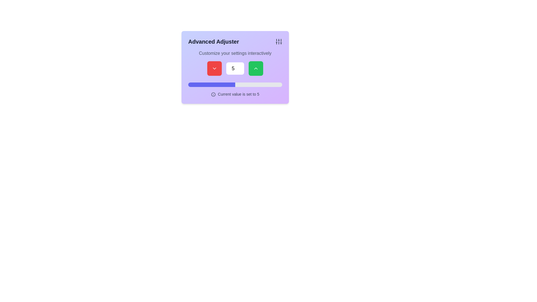 The image size is (537, 302). Describe the element at coordinates (213, 41) in the screenshot. I see `text label 'Advanced Adjuster' that is styled in bold and large font, located at the top-left area of the card interface` at that location.